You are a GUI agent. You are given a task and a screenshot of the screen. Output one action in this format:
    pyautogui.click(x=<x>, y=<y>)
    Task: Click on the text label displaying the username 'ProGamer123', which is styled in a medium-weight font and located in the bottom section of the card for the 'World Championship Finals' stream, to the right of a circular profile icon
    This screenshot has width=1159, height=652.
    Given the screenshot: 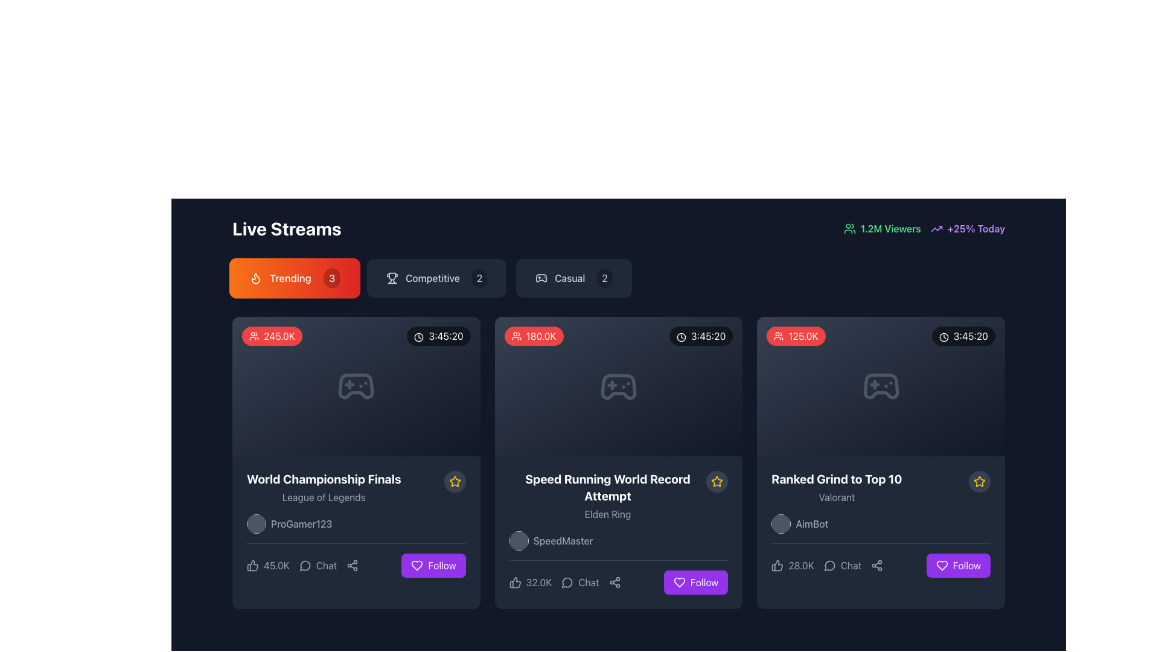 What is the action you would take?
    pyautogui.click(x=301, y=523)
    